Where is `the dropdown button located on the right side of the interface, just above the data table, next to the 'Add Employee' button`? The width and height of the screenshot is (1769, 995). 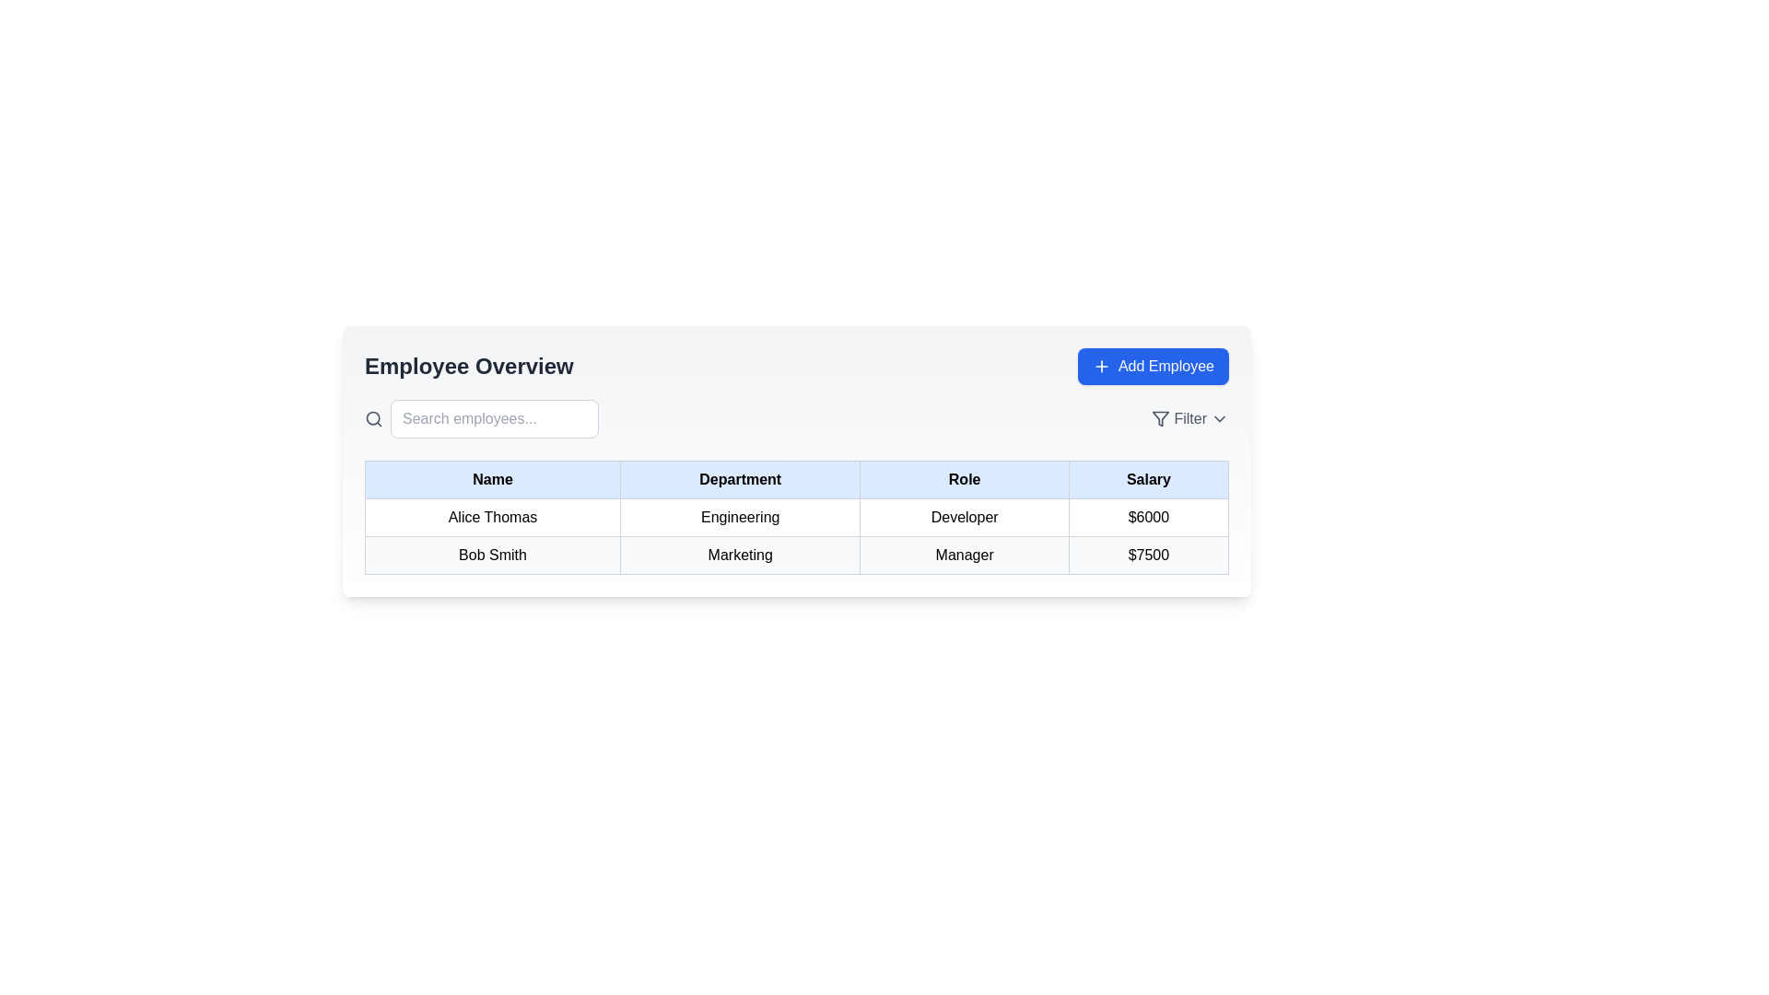 the dropdown button located on the right side of the interface, just above the data table, next to the 'Add Employee' button is located at coordinates (1190, 419).